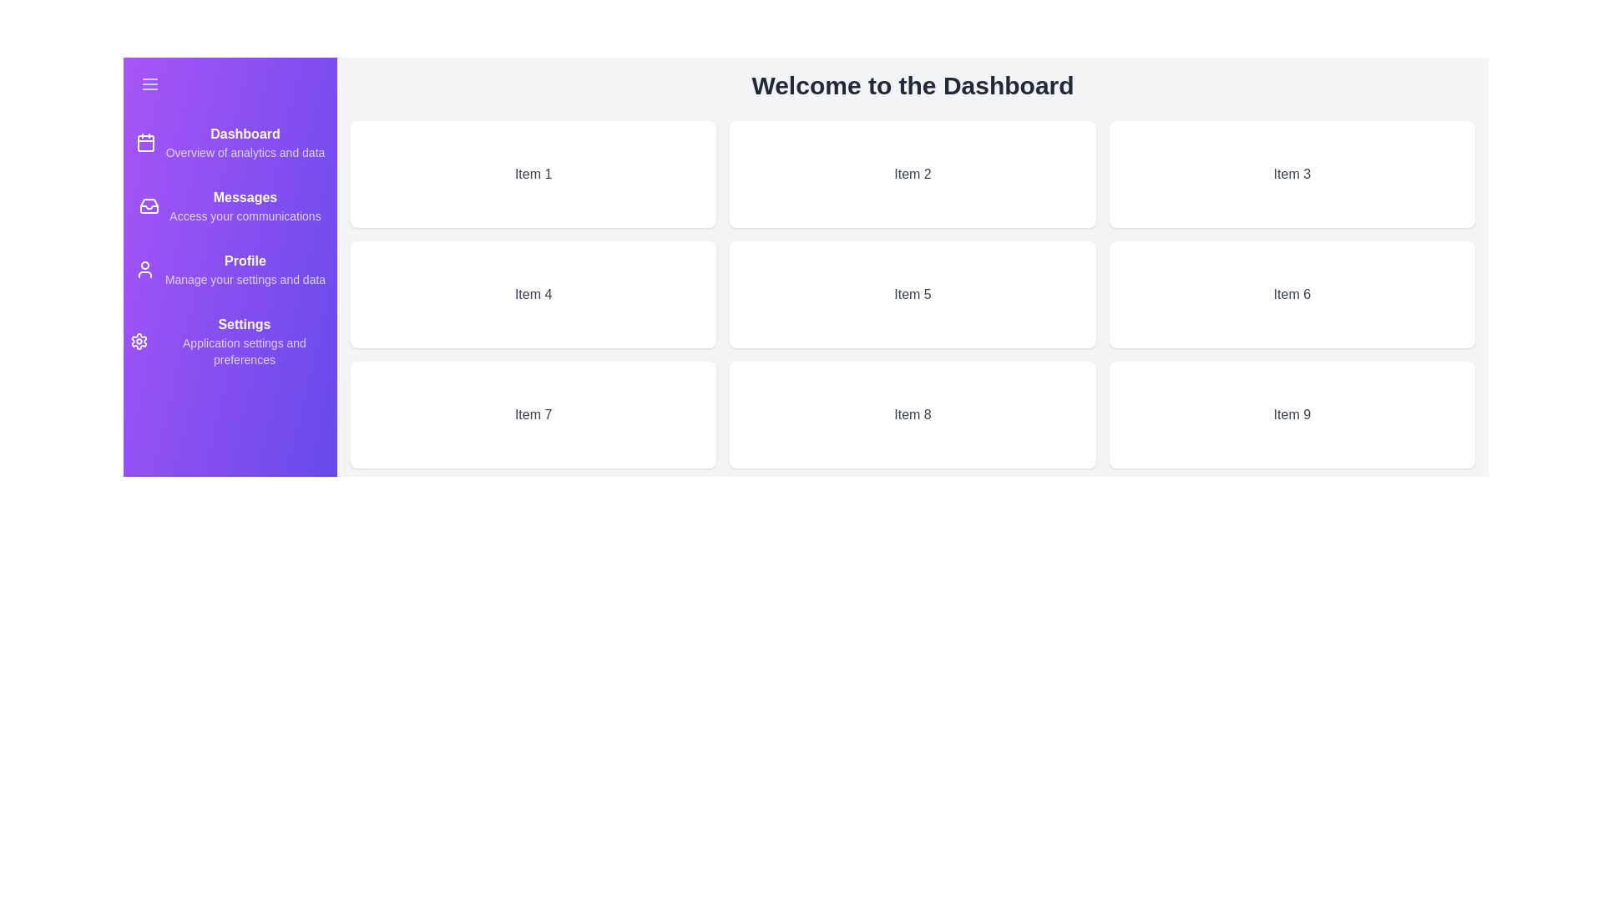  Describe the element at coordinates (229, 84) in the screenshot. I see `toggle button to change the drawer state` at that location.